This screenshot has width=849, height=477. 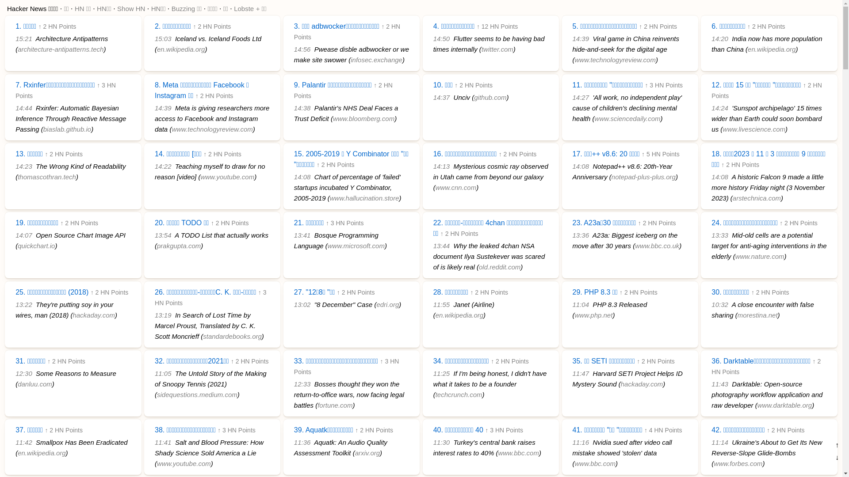 What do you see at coordinates (735, 256) in the screenshot?
I see `'www.nature.com'` at bounding box center [735, 256].